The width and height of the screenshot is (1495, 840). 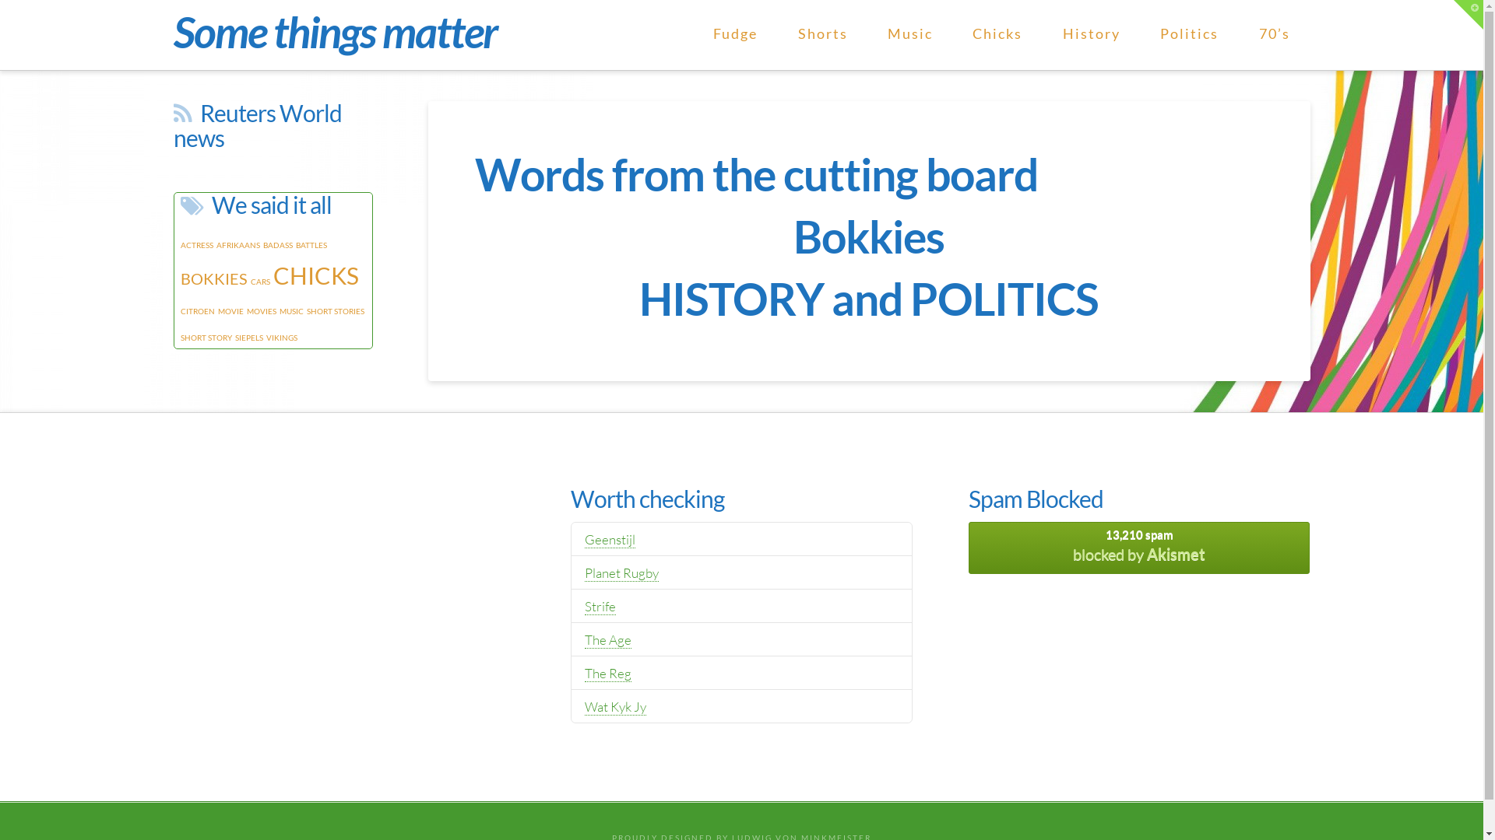 What do you see at coordinates (261, 311) in the screenshot?
I see `'MOVIES'` at bounding box center [261, 311].